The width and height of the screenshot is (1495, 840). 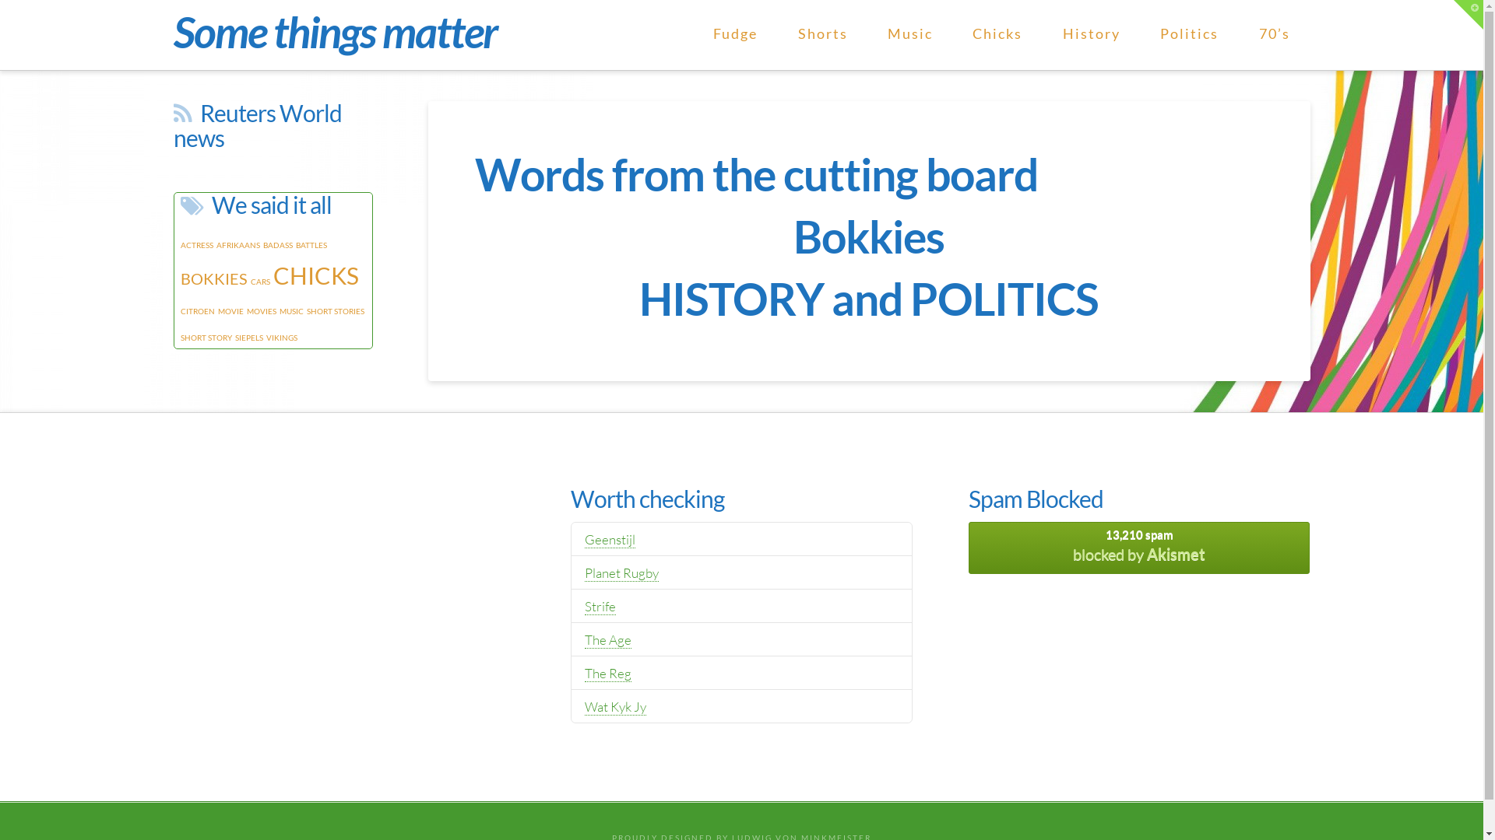 What do you see at coordinates (261, 311) in the screenshot?
I see `'MOVIES'` at bounding box center [261, 311].